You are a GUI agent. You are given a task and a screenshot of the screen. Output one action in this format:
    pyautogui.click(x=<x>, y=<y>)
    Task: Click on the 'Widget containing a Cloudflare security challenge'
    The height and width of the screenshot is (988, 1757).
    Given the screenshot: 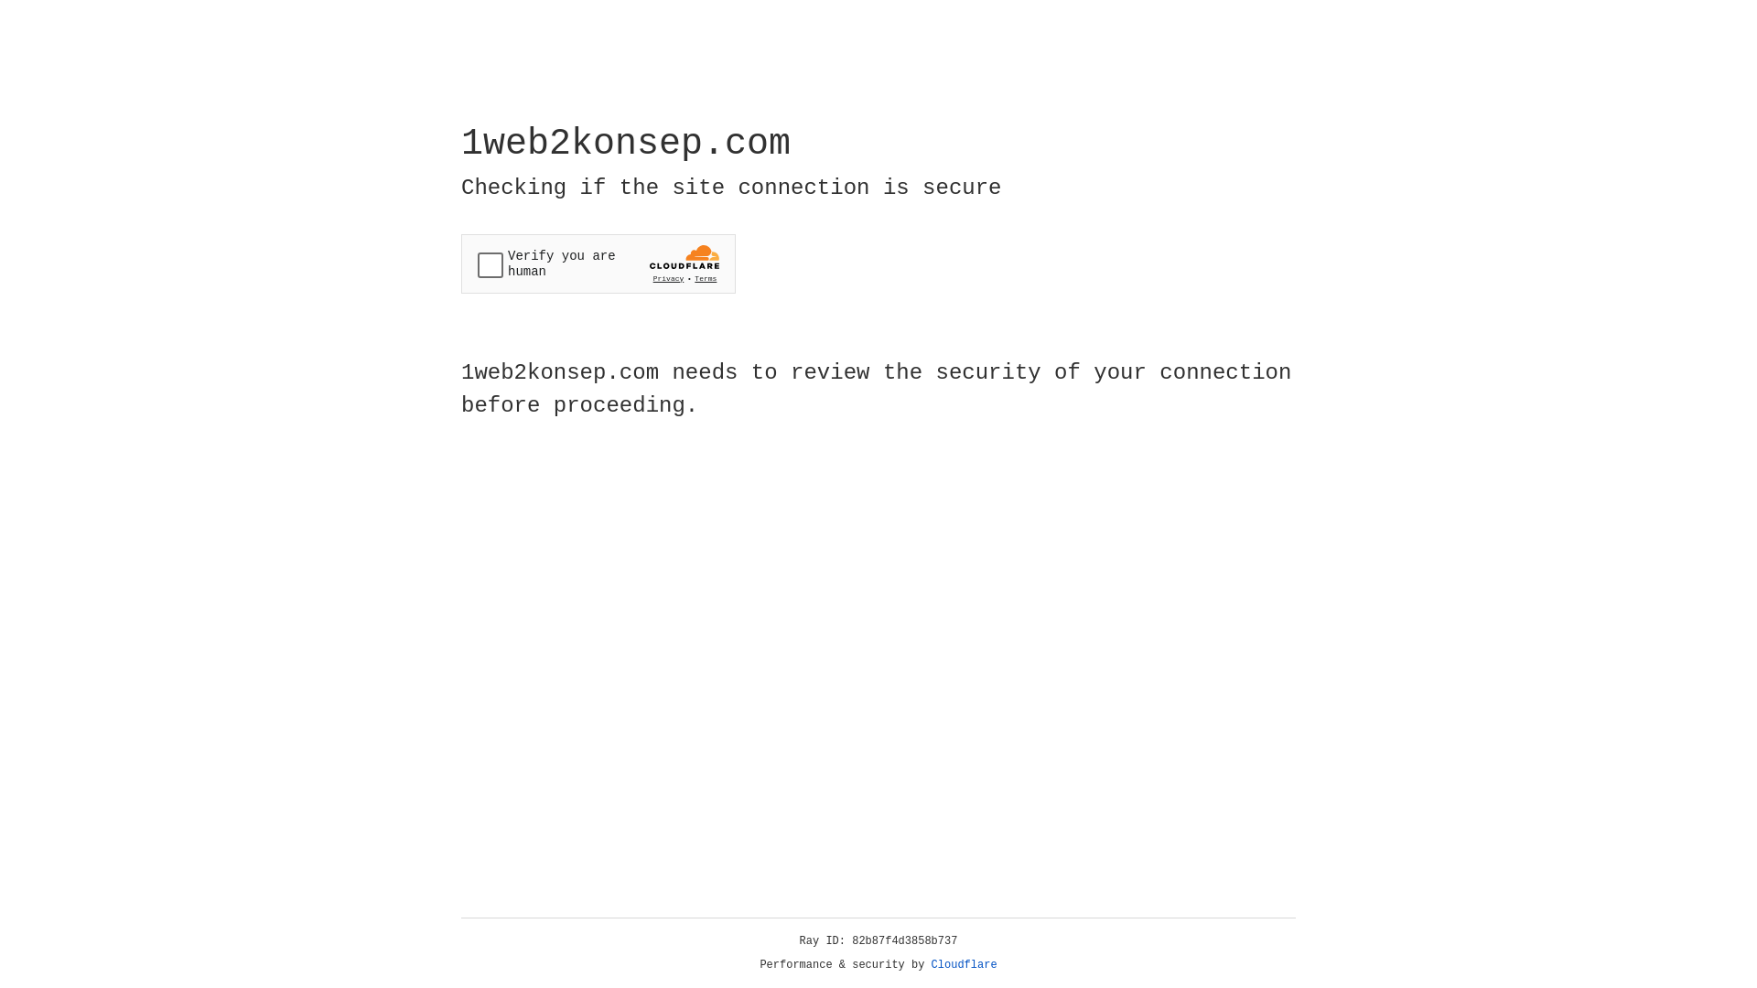 What is the action you would take?
    pyautogui.click(x=598, y=263)
    